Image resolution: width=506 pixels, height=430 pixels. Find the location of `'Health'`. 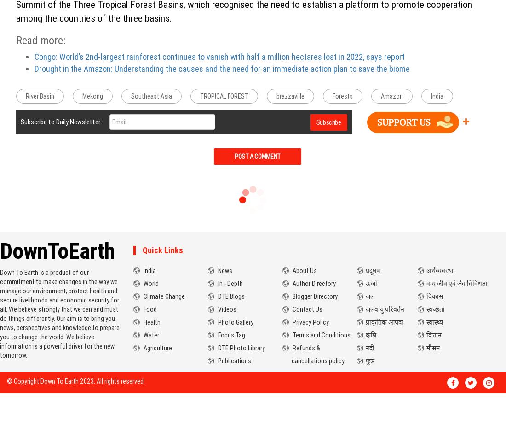

'Health' is located at coordinates (151, 322).